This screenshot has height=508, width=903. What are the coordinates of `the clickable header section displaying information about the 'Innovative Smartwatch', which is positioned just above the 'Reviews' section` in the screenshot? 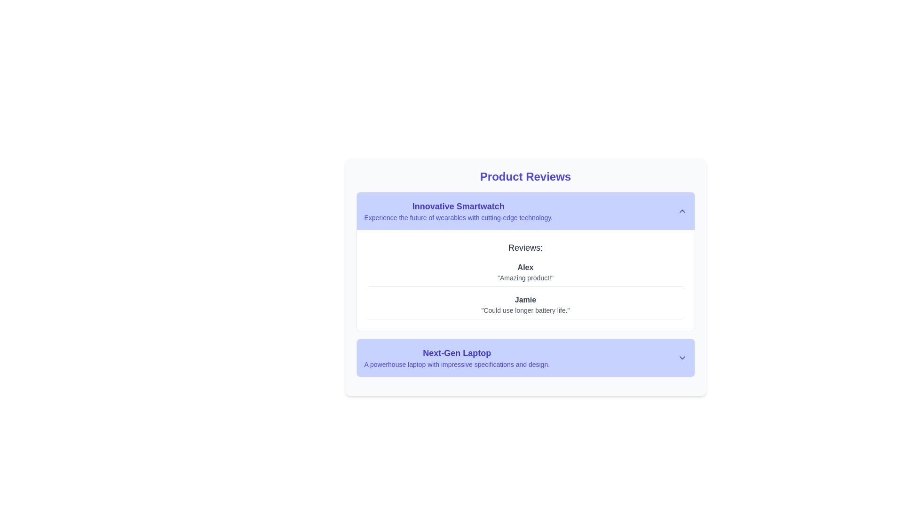 It's located at (525, 210).